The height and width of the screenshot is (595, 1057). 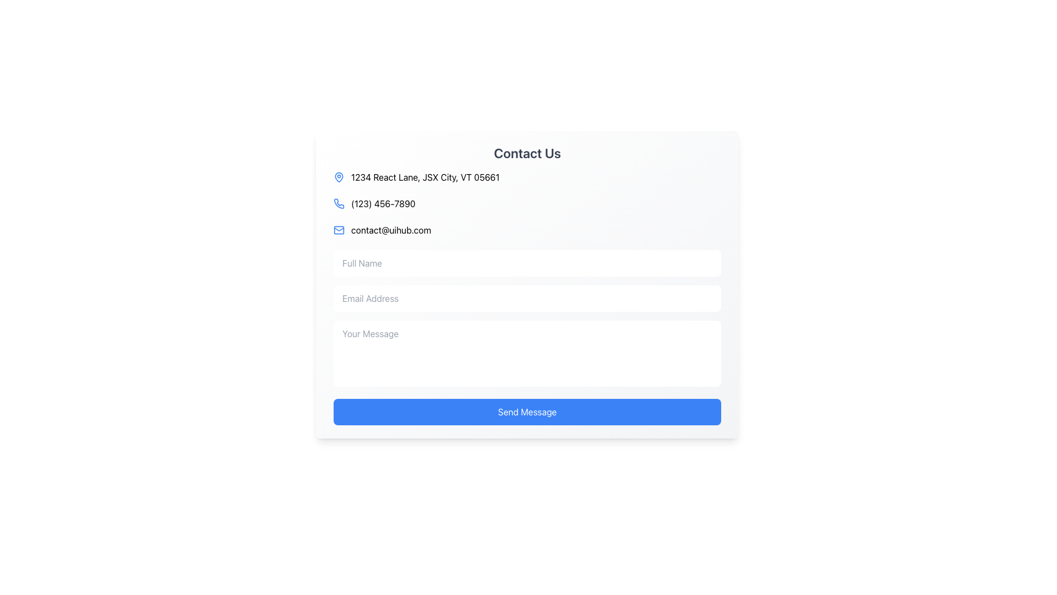 I want to click on the blue phone icon located to the left of the phone number '(123) 456-7890' in the contact section of the interface, so click(x=338, y=204).